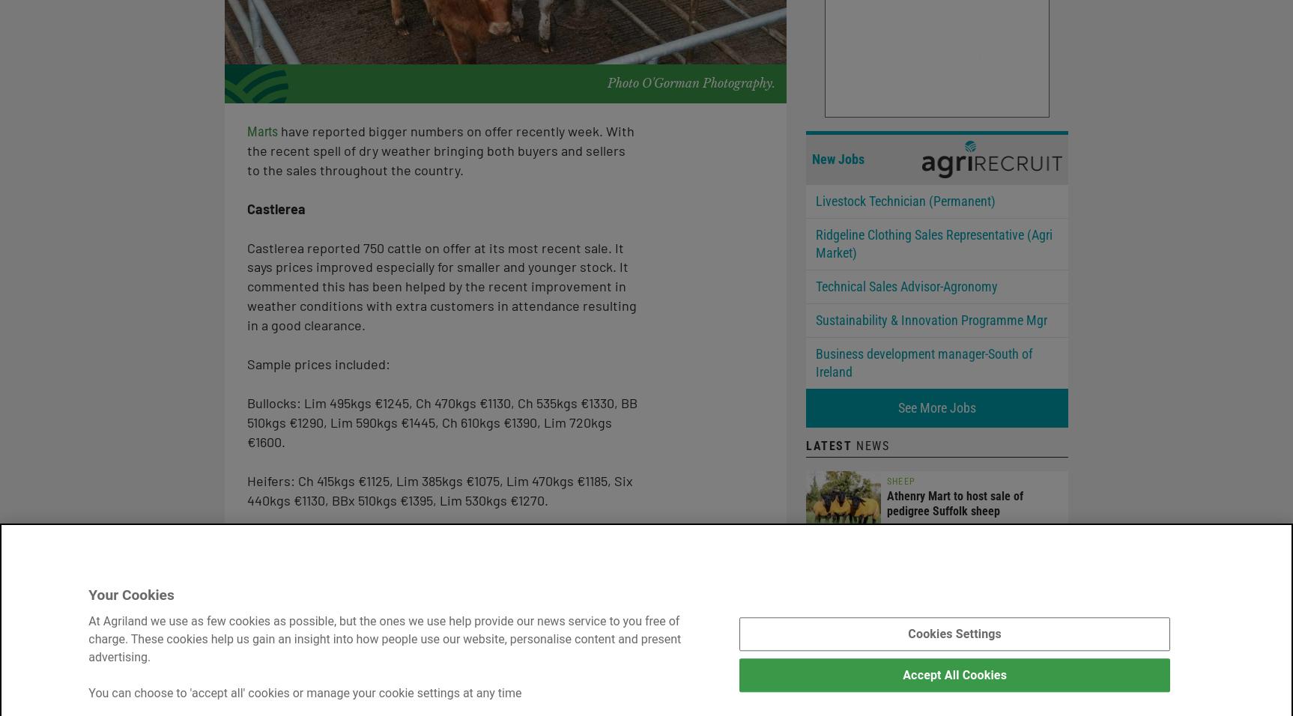 This screenshot has width=1293, height=716. Describe the element at coordinates (442, 420) in the screenshot. I see `'Bullocks: Lim 495kgs €1245, Ch 470kgs €1130, Ch 535kgs €1330, BB 510kgs €1290, Lim 590kgs €1445, Ch 610kgs €1390, Lim 720kgs €1600.'` at that location.